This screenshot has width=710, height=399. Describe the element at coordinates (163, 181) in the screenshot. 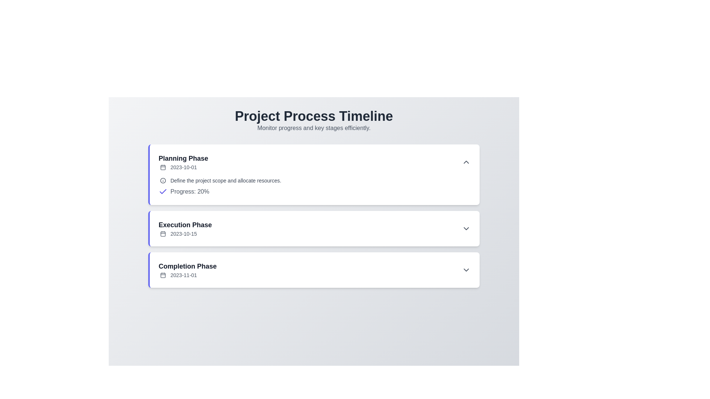

I see `the largest circle element in the SVG graphic that represents an information icon, located to the left of timeline items' descriptions` at that location.